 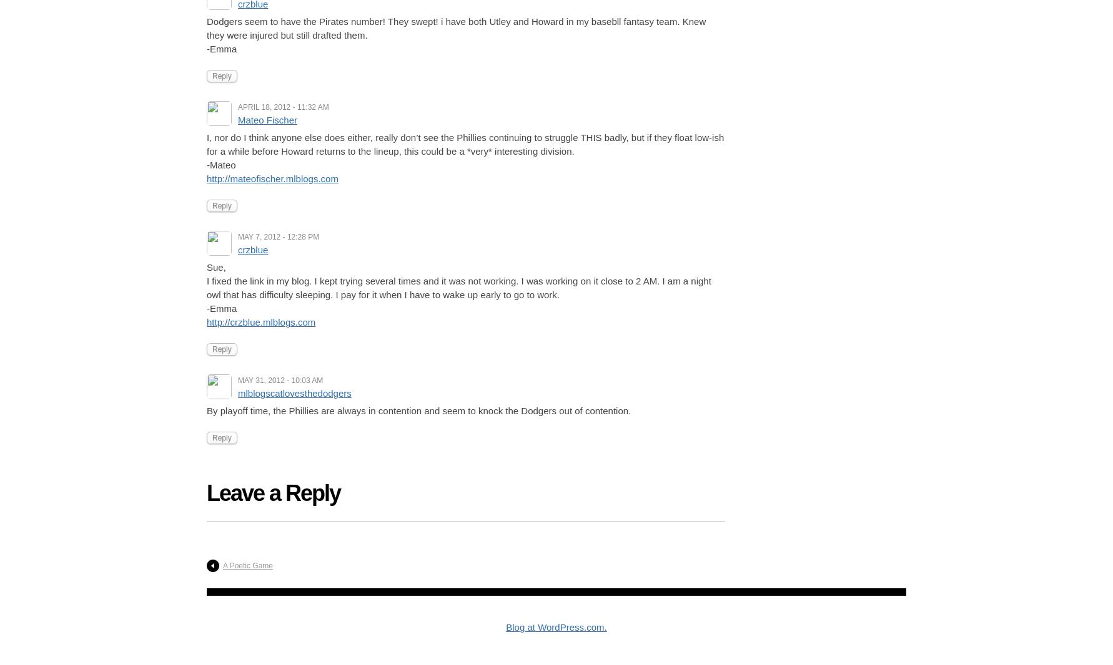 What do you see at coordinates (458, 288) in the screenshot?
I see `'I fixed the link in my blog.  I kept trying several times and it was not working.  I was working on it close to 2 AM.  I am a night owl that has difficulty sleeping.  I pay for it when I have to wake up early to go to work.'` at bounding box center [458, 288].